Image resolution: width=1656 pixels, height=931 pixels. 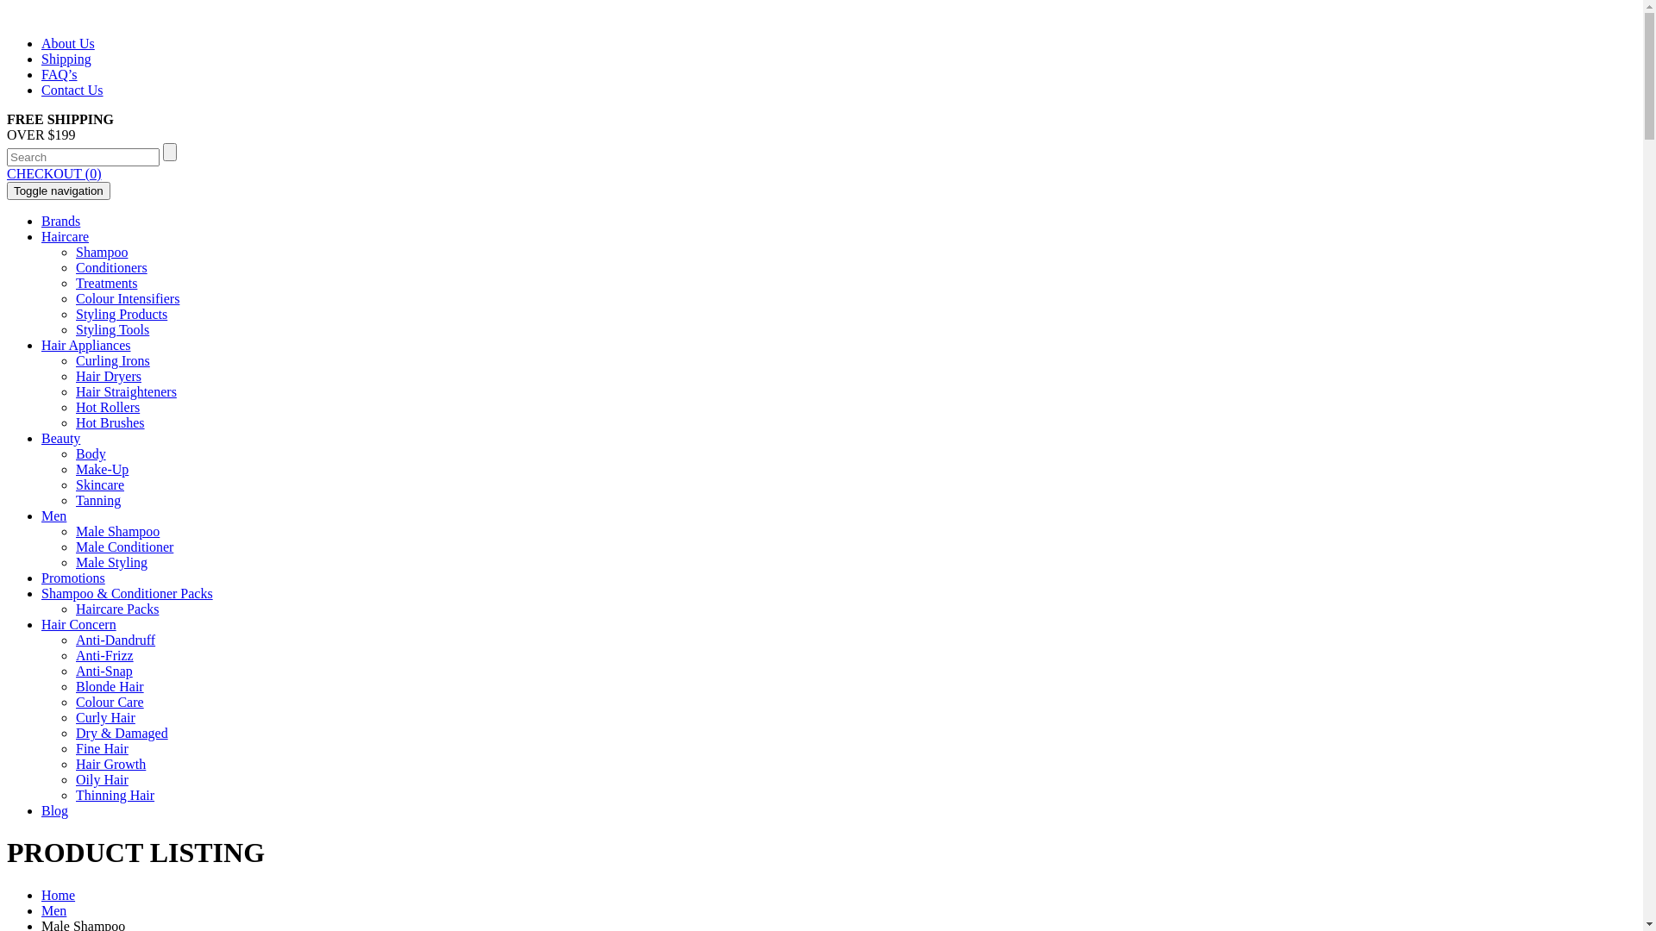 I want to click on 'Curly Hair', so click(x=104, y=717).